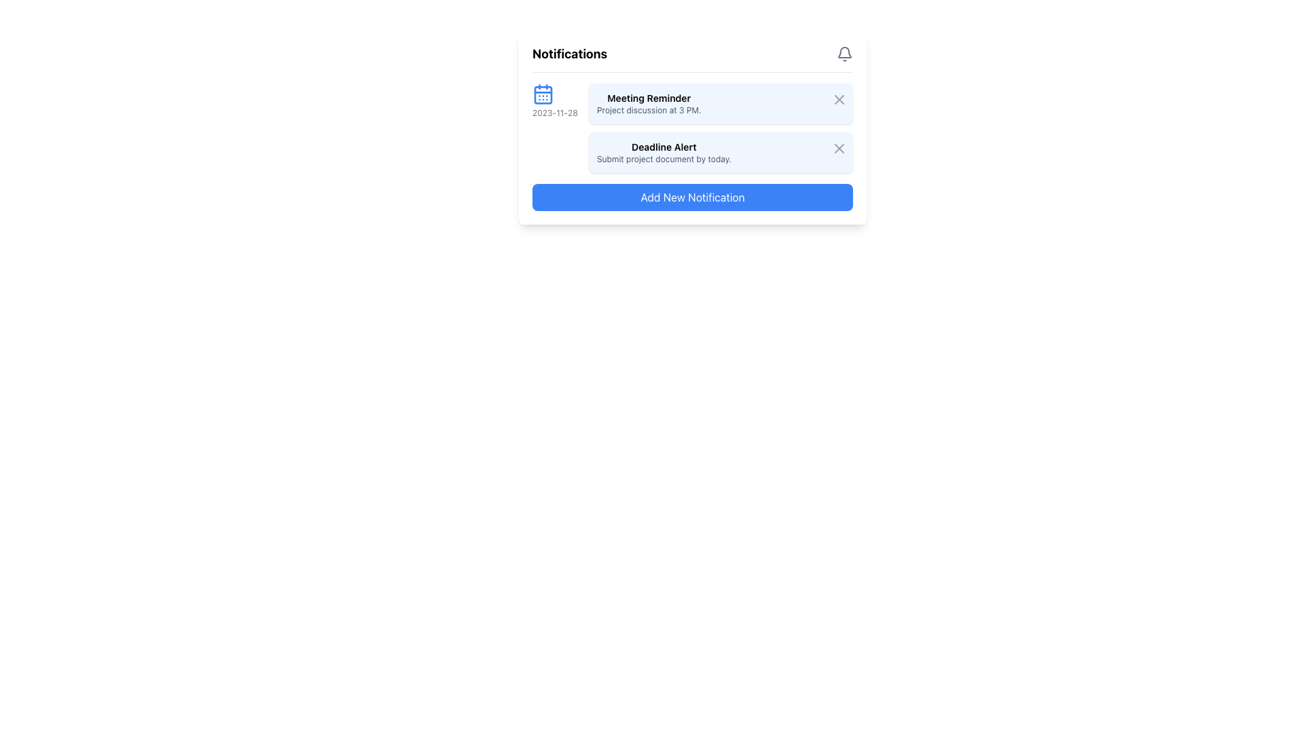  I want to click on the notification label displaying 'Deadline Alert' with the message 'Submit project document by today.', so click(664, 152).